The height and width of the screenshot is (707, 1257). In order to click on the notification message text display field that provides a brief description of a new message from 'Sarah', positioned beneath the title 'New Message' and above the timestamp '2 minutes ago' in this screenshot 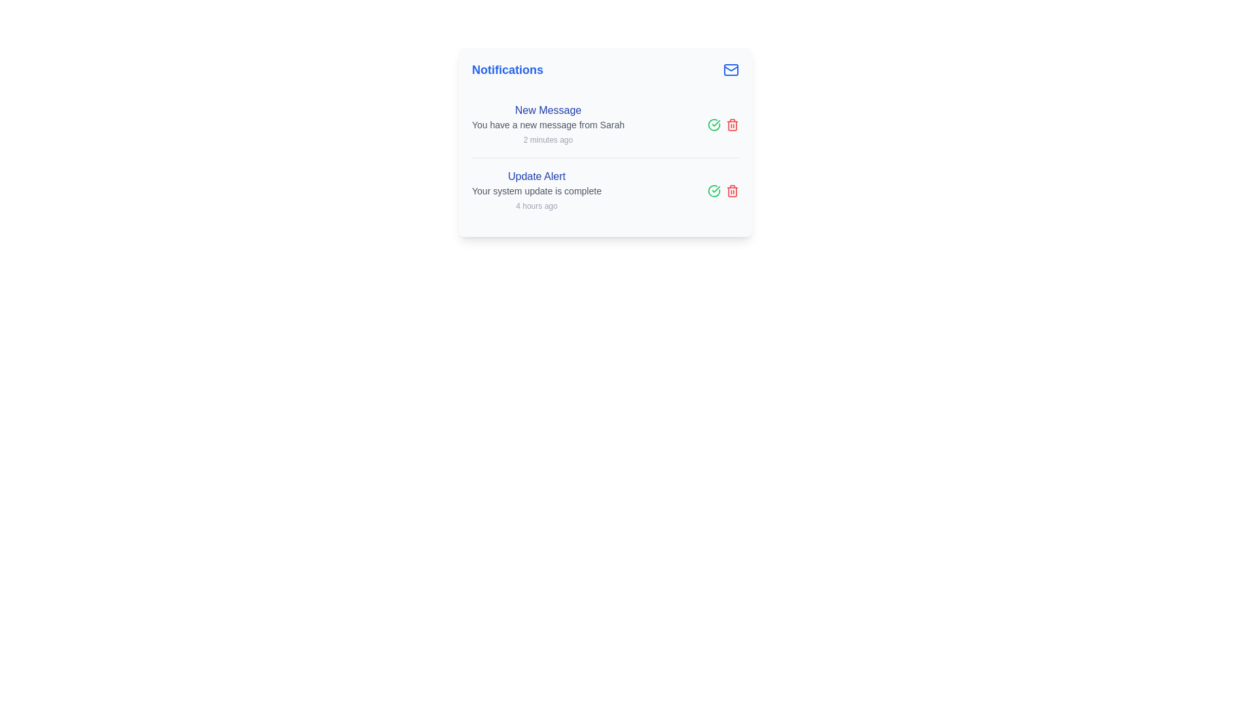, I will do `click(548, 125)`.